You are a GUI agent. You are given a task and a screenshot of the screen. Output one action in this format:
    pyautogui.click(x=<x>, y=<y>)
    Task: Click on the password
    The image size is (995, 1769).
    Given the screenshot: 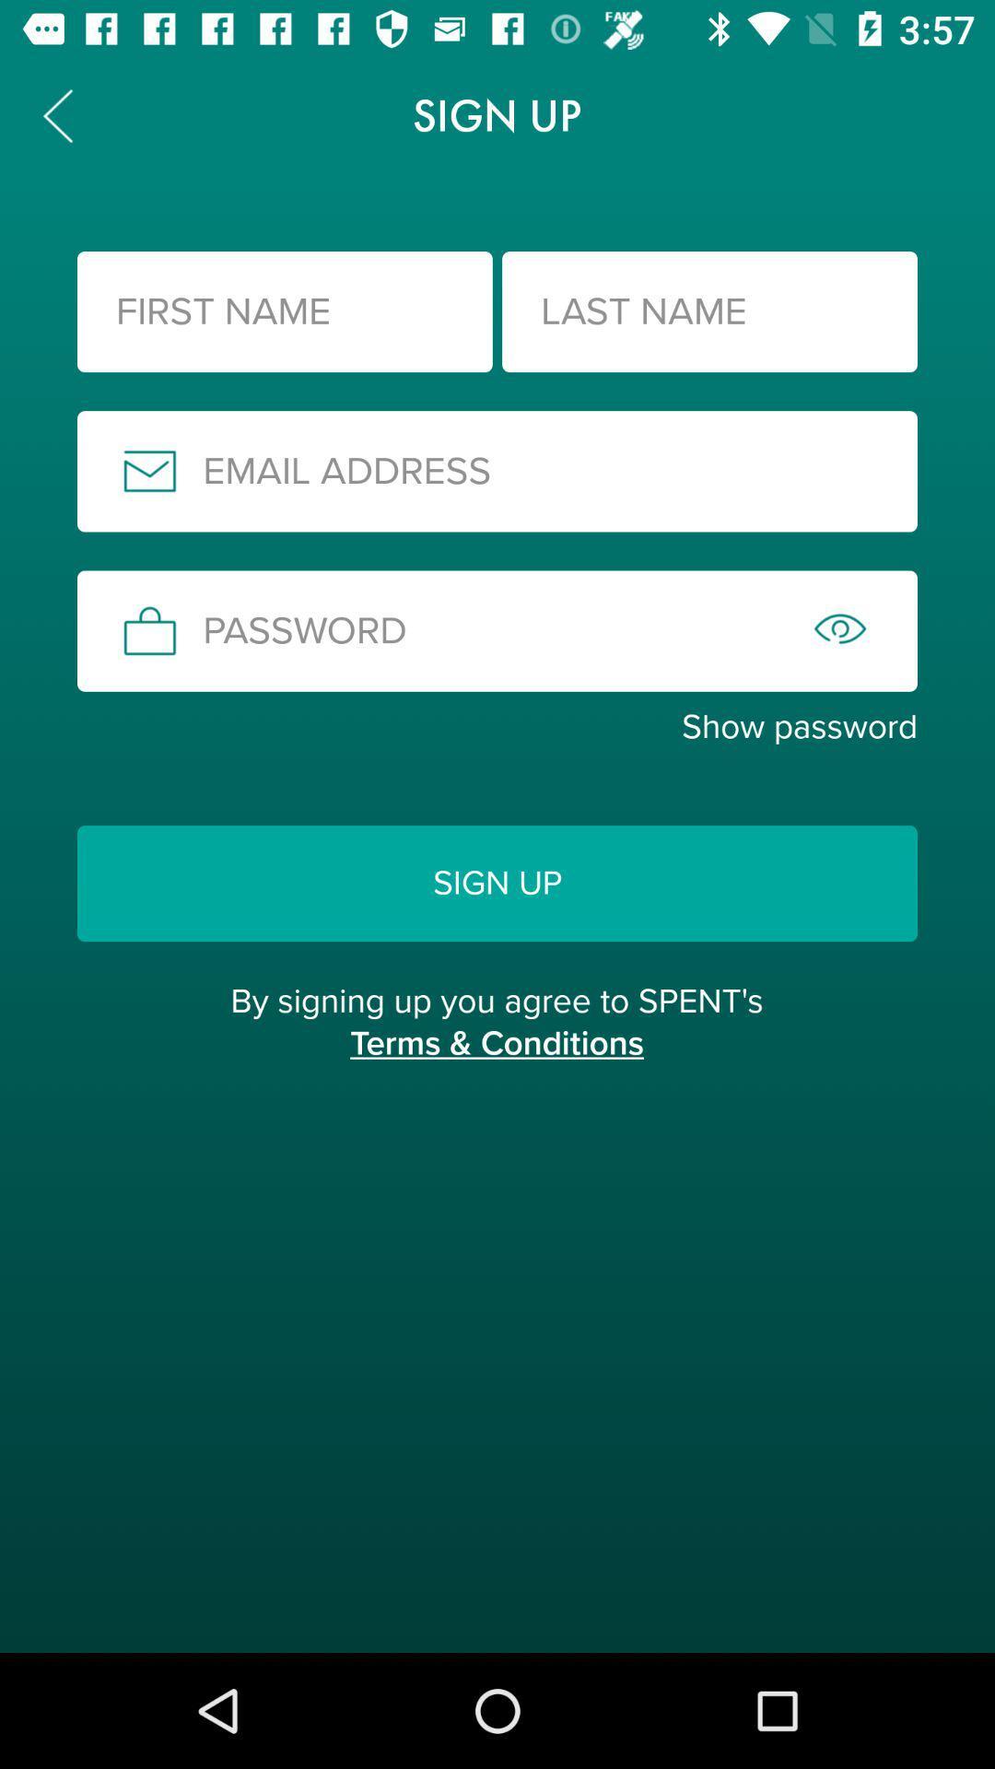 What is the action you would take?
    pyautogui.click(x=497, y=631)
    